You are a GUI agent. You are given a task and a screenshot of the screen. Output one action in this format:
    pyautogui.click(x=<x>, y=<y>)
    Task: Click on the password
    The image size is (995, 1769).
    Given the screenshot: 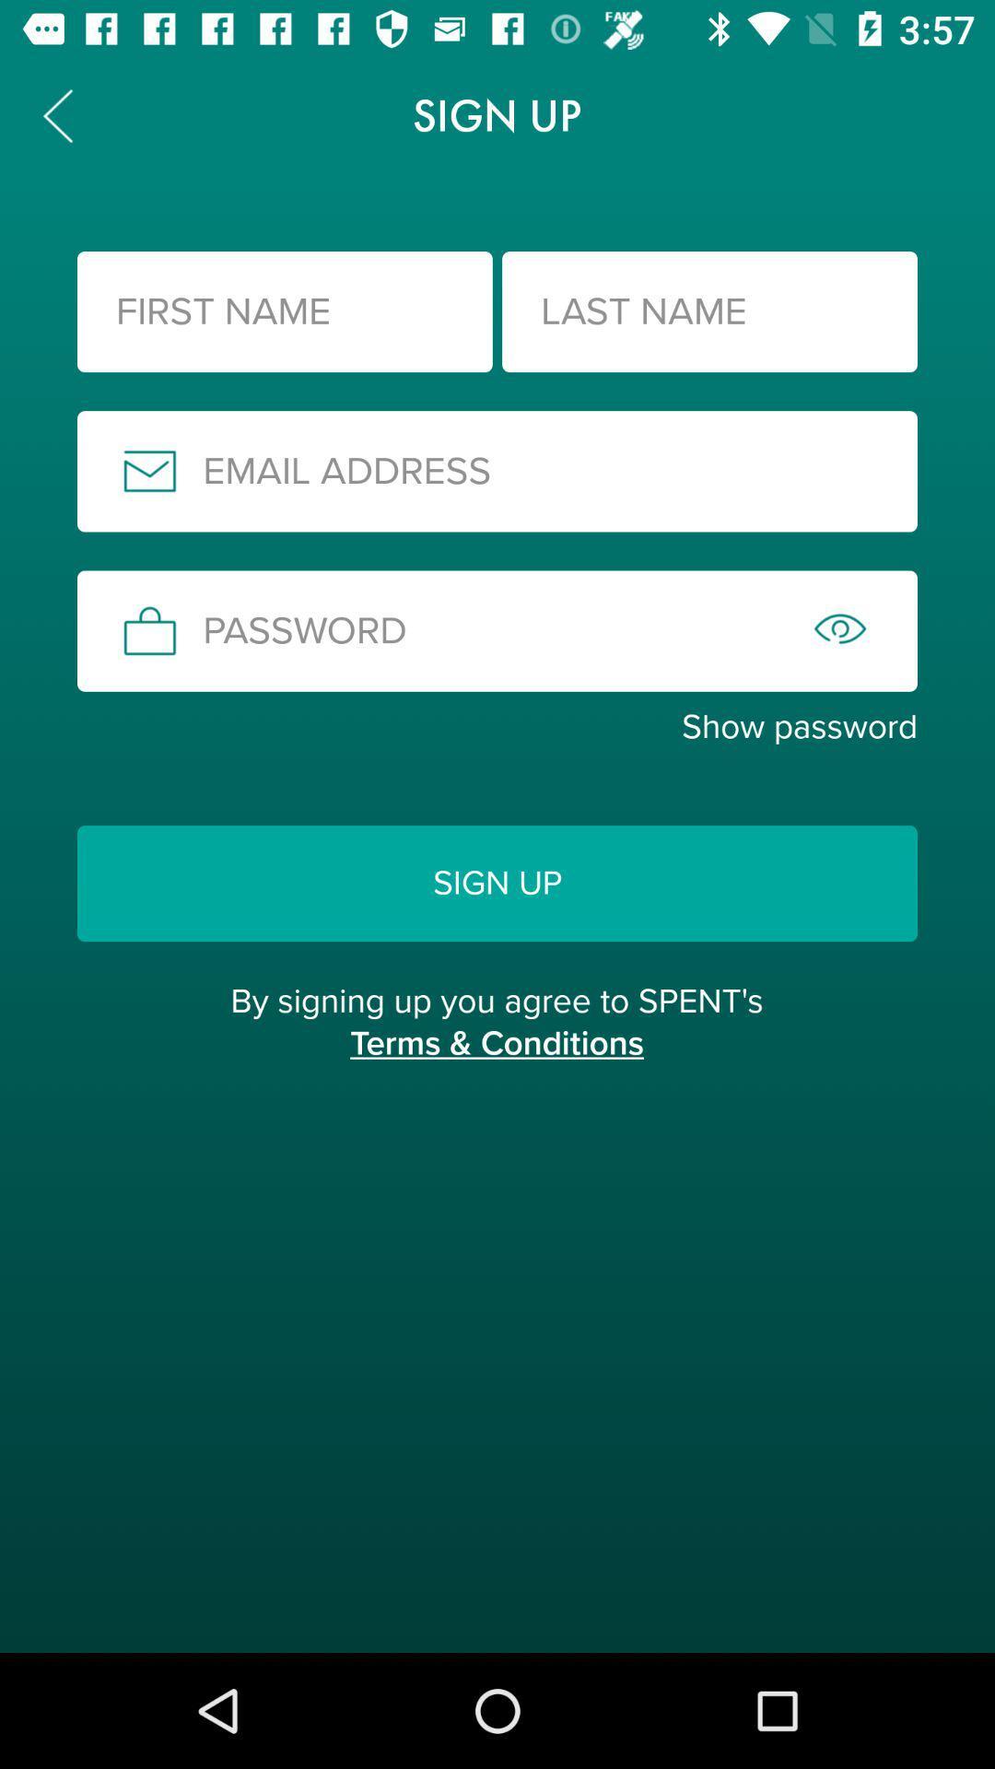 What is the action you would take?
    pyautogui.click(x=497, y=631)
    